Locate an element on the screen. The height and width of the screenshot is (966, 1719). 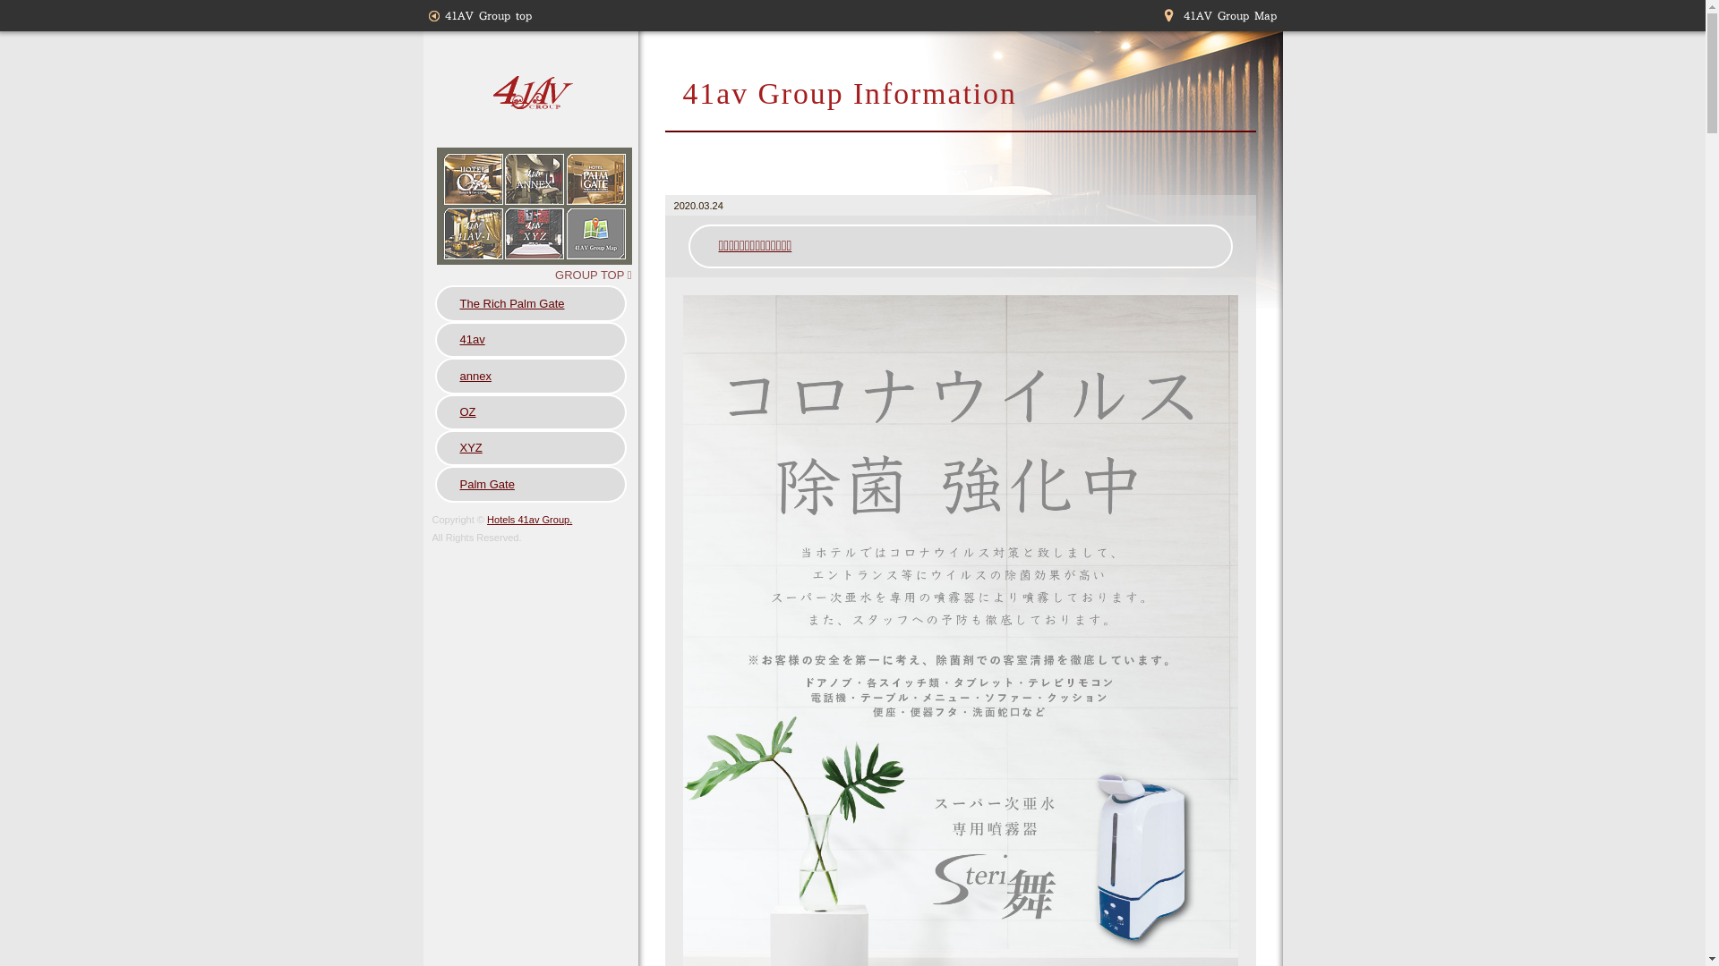
'annex' is located at coordinates (530, 375).